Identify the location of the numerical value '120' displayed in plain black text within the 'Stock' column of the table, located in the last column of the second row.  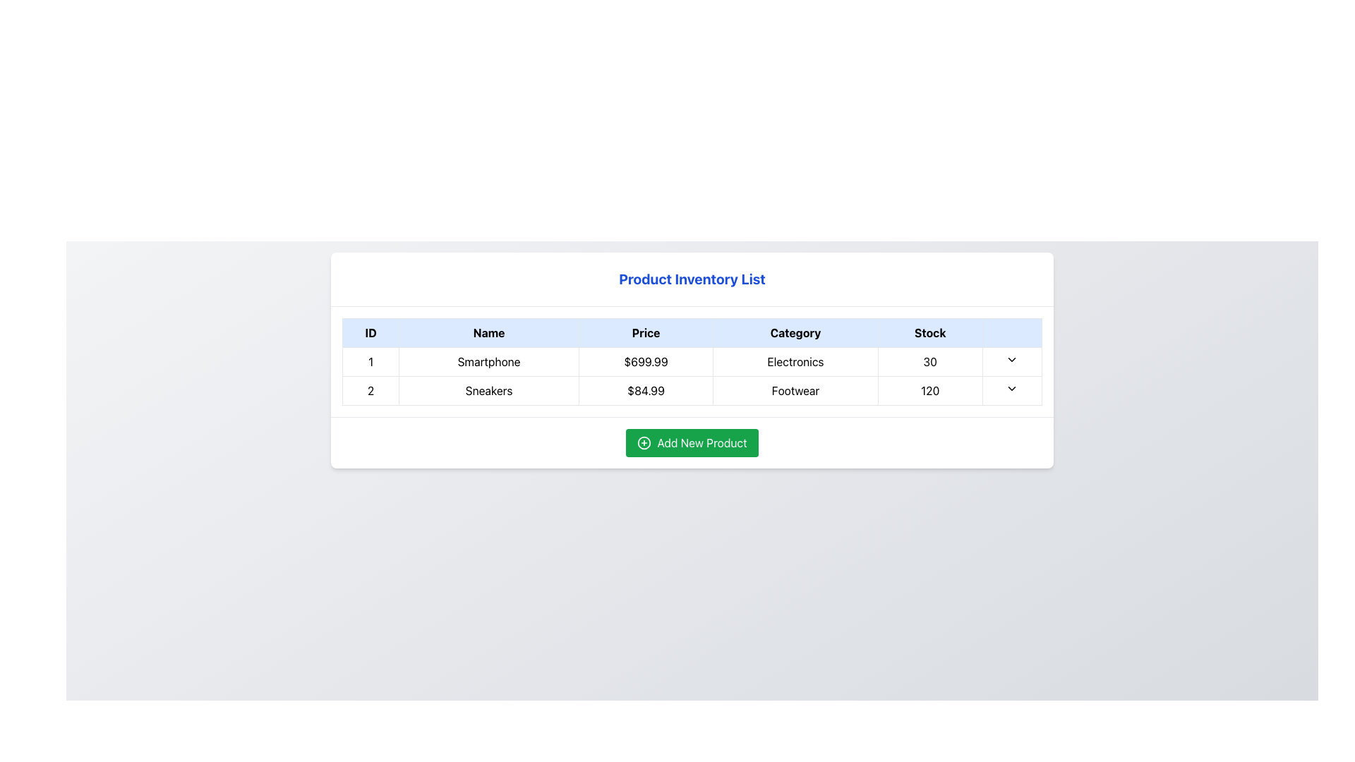
(930, 391).